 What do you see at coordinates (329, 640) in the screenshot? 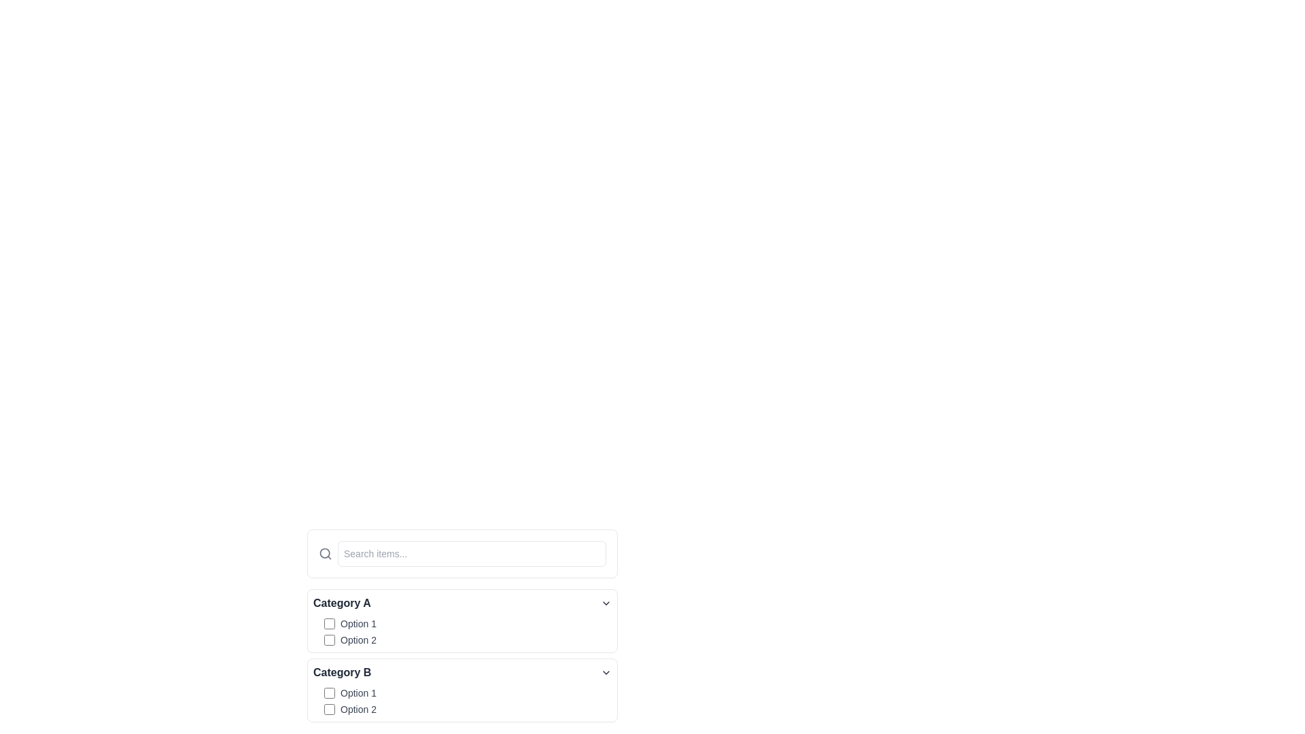
I see `the checkbox for 'Option 2' in the 'Category A' group to indicate focus` at bounding box center [329, 640].